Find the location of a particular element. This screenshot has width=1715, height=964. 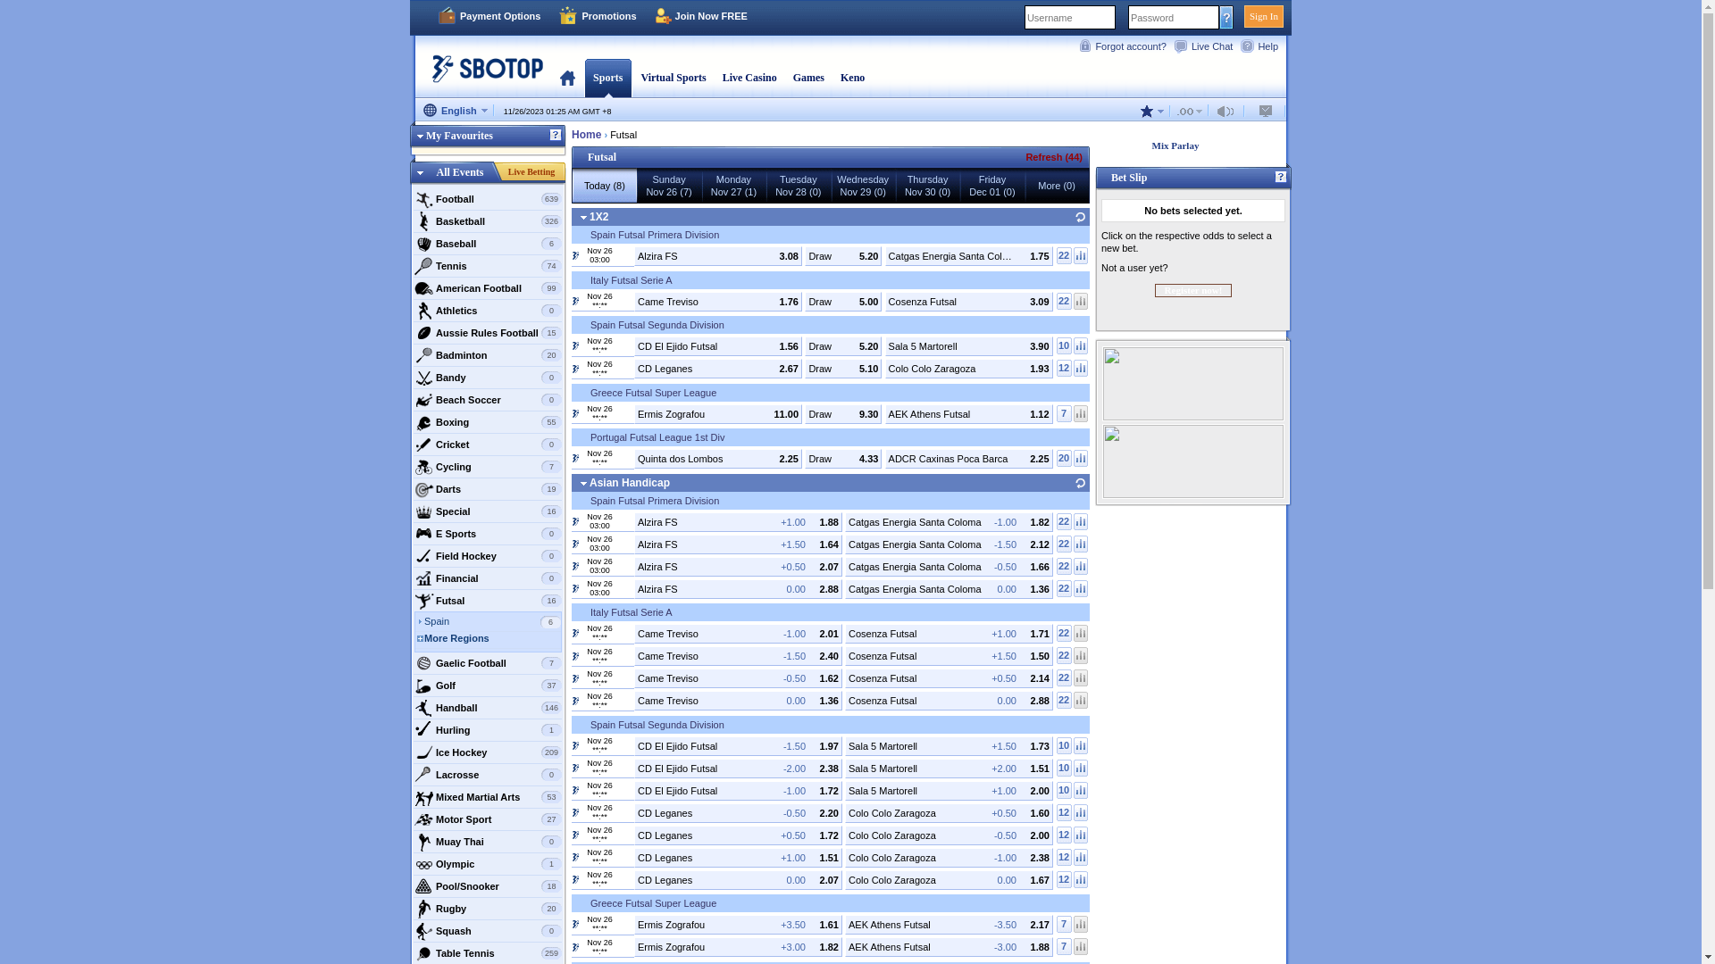

'Special is located at coordinates (488, 511).